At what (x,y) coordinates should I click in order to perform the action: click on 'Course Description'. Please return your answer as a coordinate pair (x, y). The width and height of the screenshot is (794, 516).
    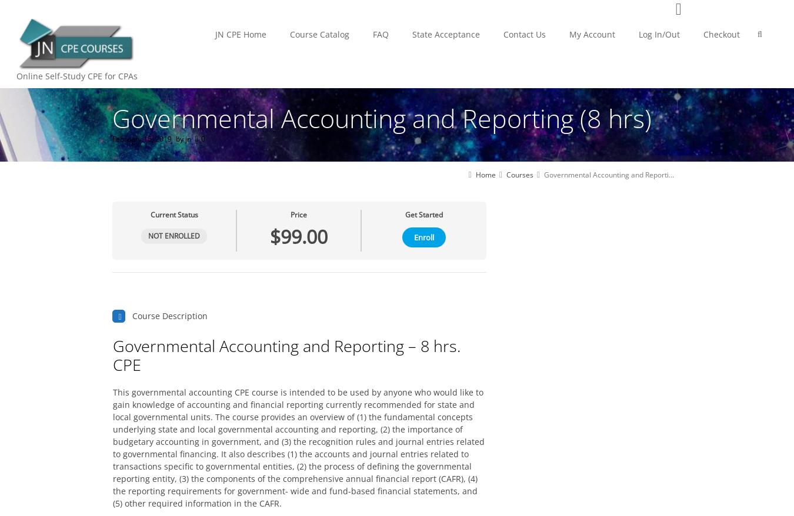
    Looking at the image, I should click on (169, 315).